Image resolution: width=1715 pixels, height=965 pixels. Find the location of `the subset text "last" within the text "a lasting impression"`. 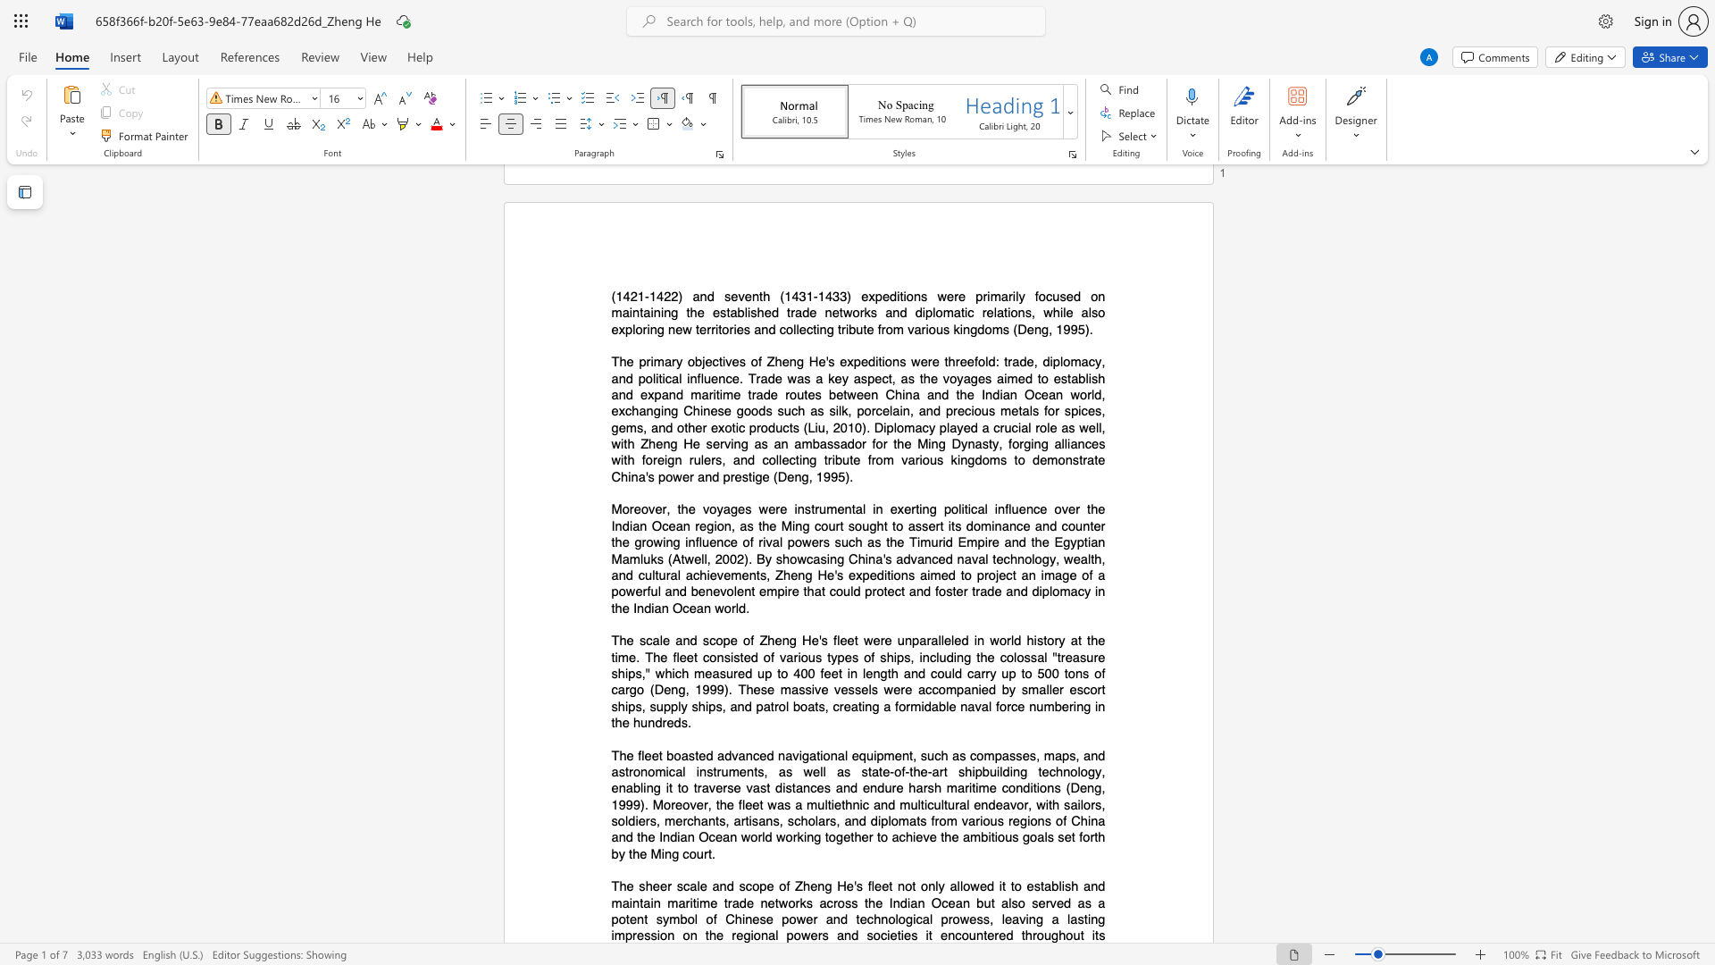

the subset text "last" within the text "a lasting impression" is located at coordinates (1067, 919).